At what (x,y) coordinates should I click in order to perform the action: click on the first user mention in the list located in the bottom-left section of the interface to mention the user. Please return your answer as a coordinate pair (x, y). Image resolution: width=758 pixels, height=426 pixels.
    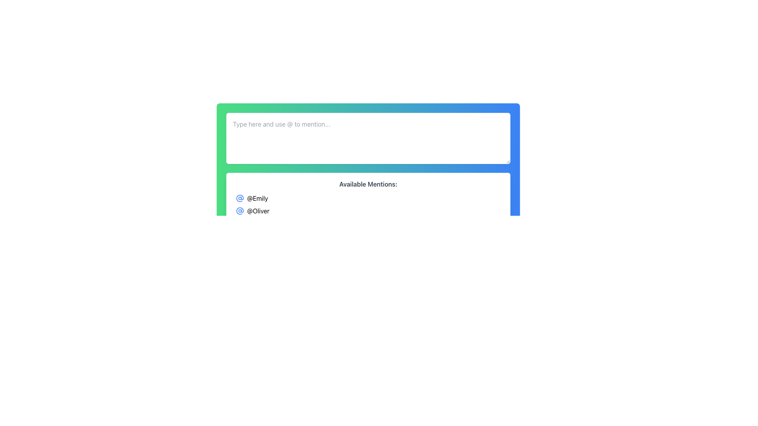
    Looking at the image, I should click on (257, 198).